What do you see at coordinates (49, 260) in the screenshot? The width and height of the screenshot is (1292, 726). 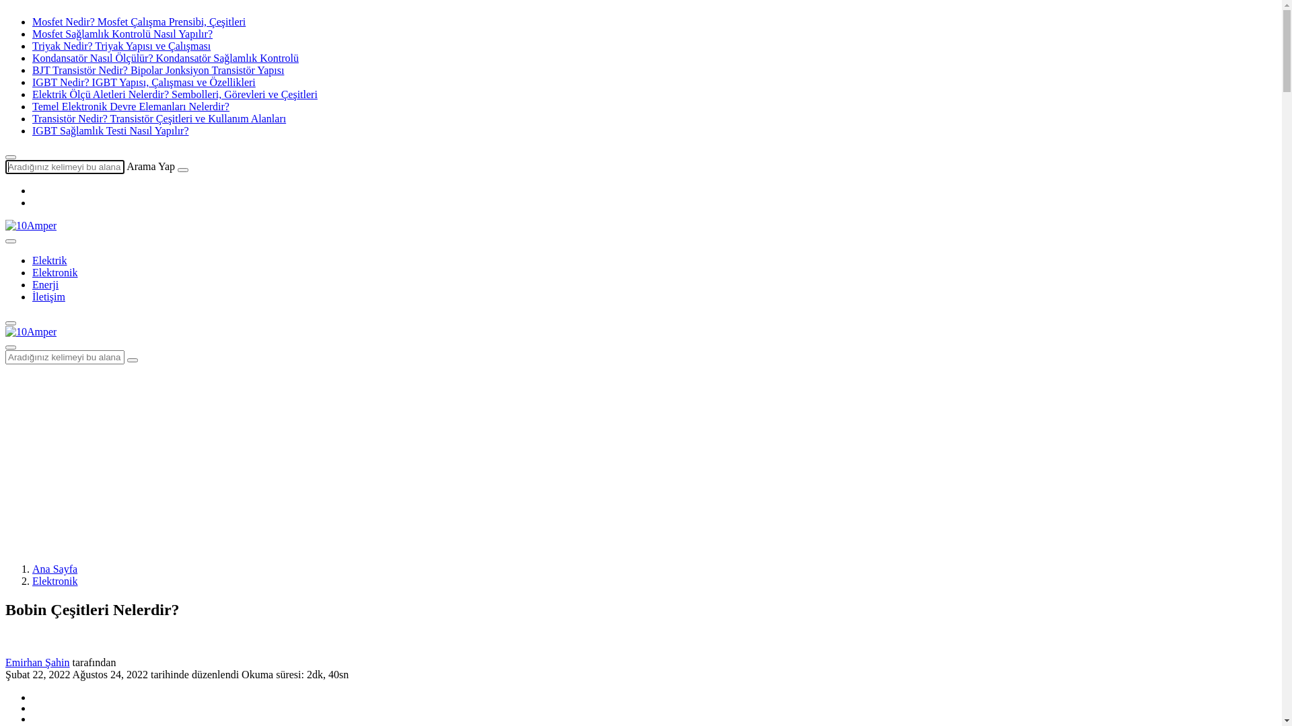 I see `'Elektrik'` at bounding box center [49, 260].